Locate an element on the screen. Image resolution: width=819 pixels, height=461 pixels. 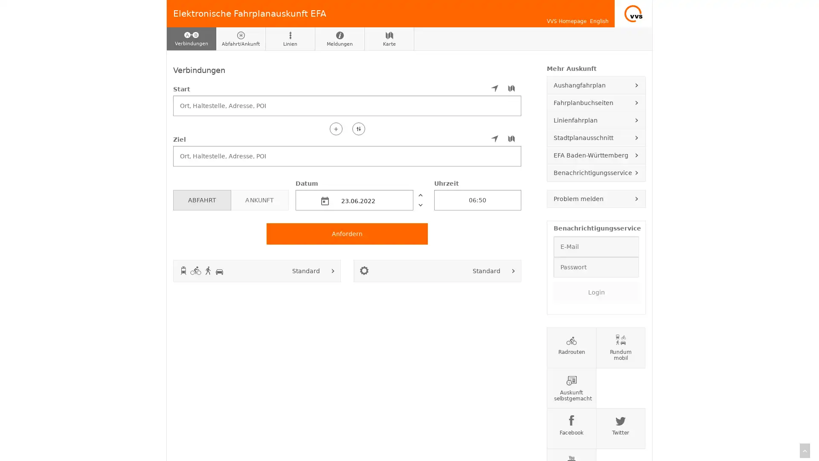
Linien is located at coordinates (290, 39).